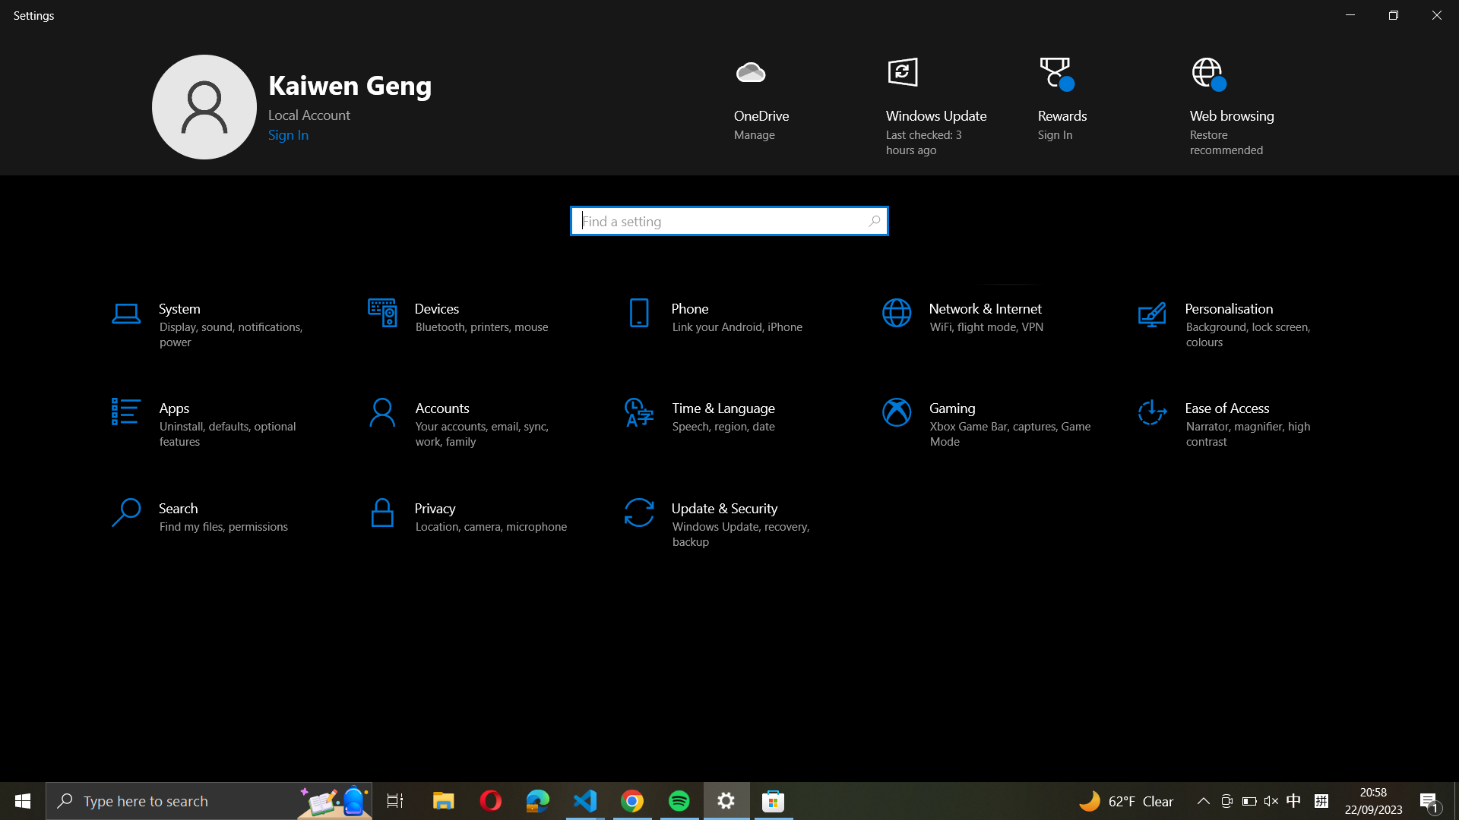  What do you see at coordinates (473, 515) in the screenshot?
I see `the "Privacy" button` at bounding box center [473, 515].